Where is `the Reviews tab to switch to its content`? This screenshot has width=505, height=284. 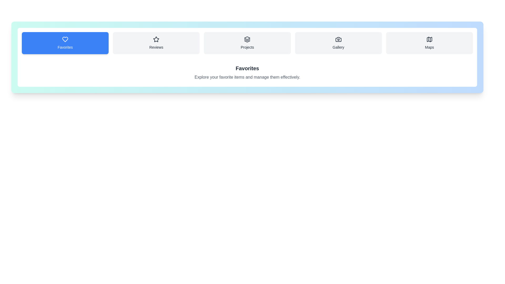
the Reviews tab to switch to its content is located at coordinates (156, 43).